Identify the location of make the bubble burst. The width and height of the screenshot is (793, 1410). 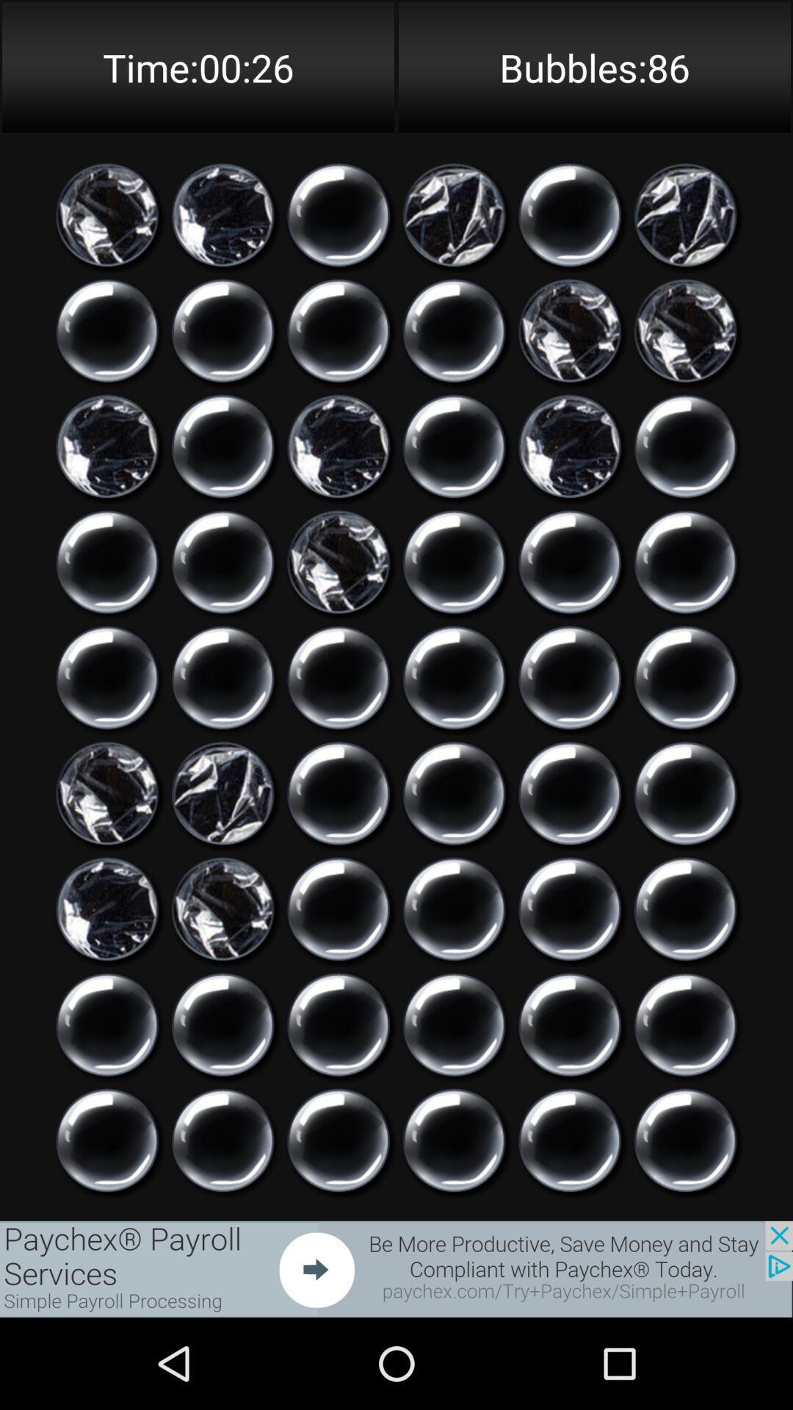
(685, 792).